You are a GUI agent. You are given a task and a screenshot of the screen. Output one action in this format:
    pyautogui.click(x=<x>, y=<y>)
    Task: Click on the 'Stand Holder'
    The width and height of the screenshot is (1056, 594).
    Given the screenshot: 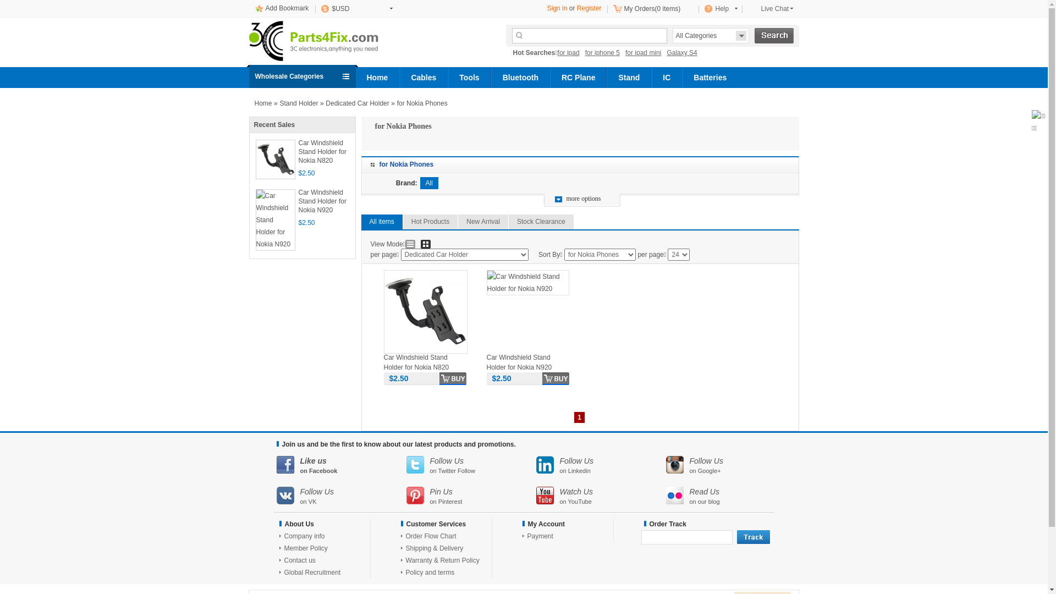 What is the action you would take?
    pyautogui.click(x=279, y=103)
    